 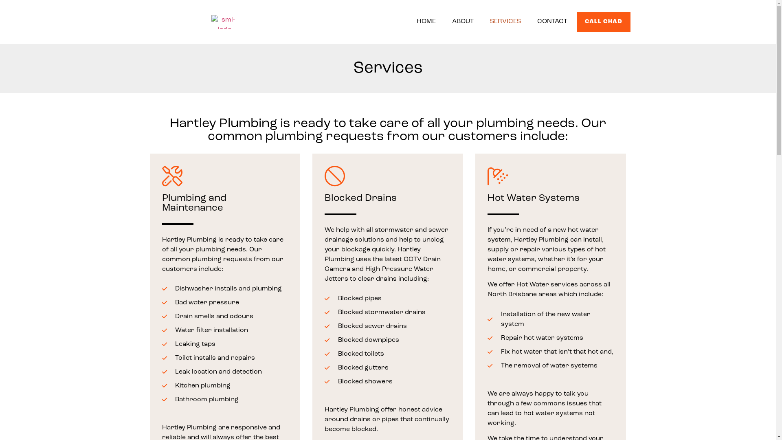 What do you see at coordinates (533, 21) in the screenshot?
I see `'CONTACT'` at bounding box center [533, 21].